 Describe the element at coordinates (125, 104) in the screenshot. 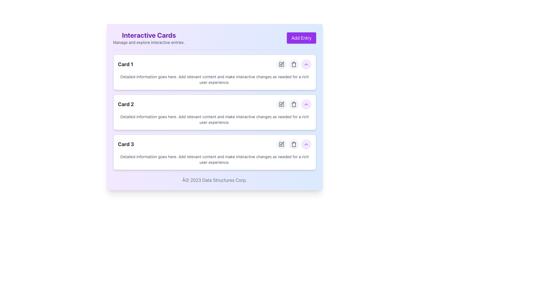

I see `text from the title of the second card in the list, which is positioned directly underneath 'Card 1' and above 'Card 3'` at that location.